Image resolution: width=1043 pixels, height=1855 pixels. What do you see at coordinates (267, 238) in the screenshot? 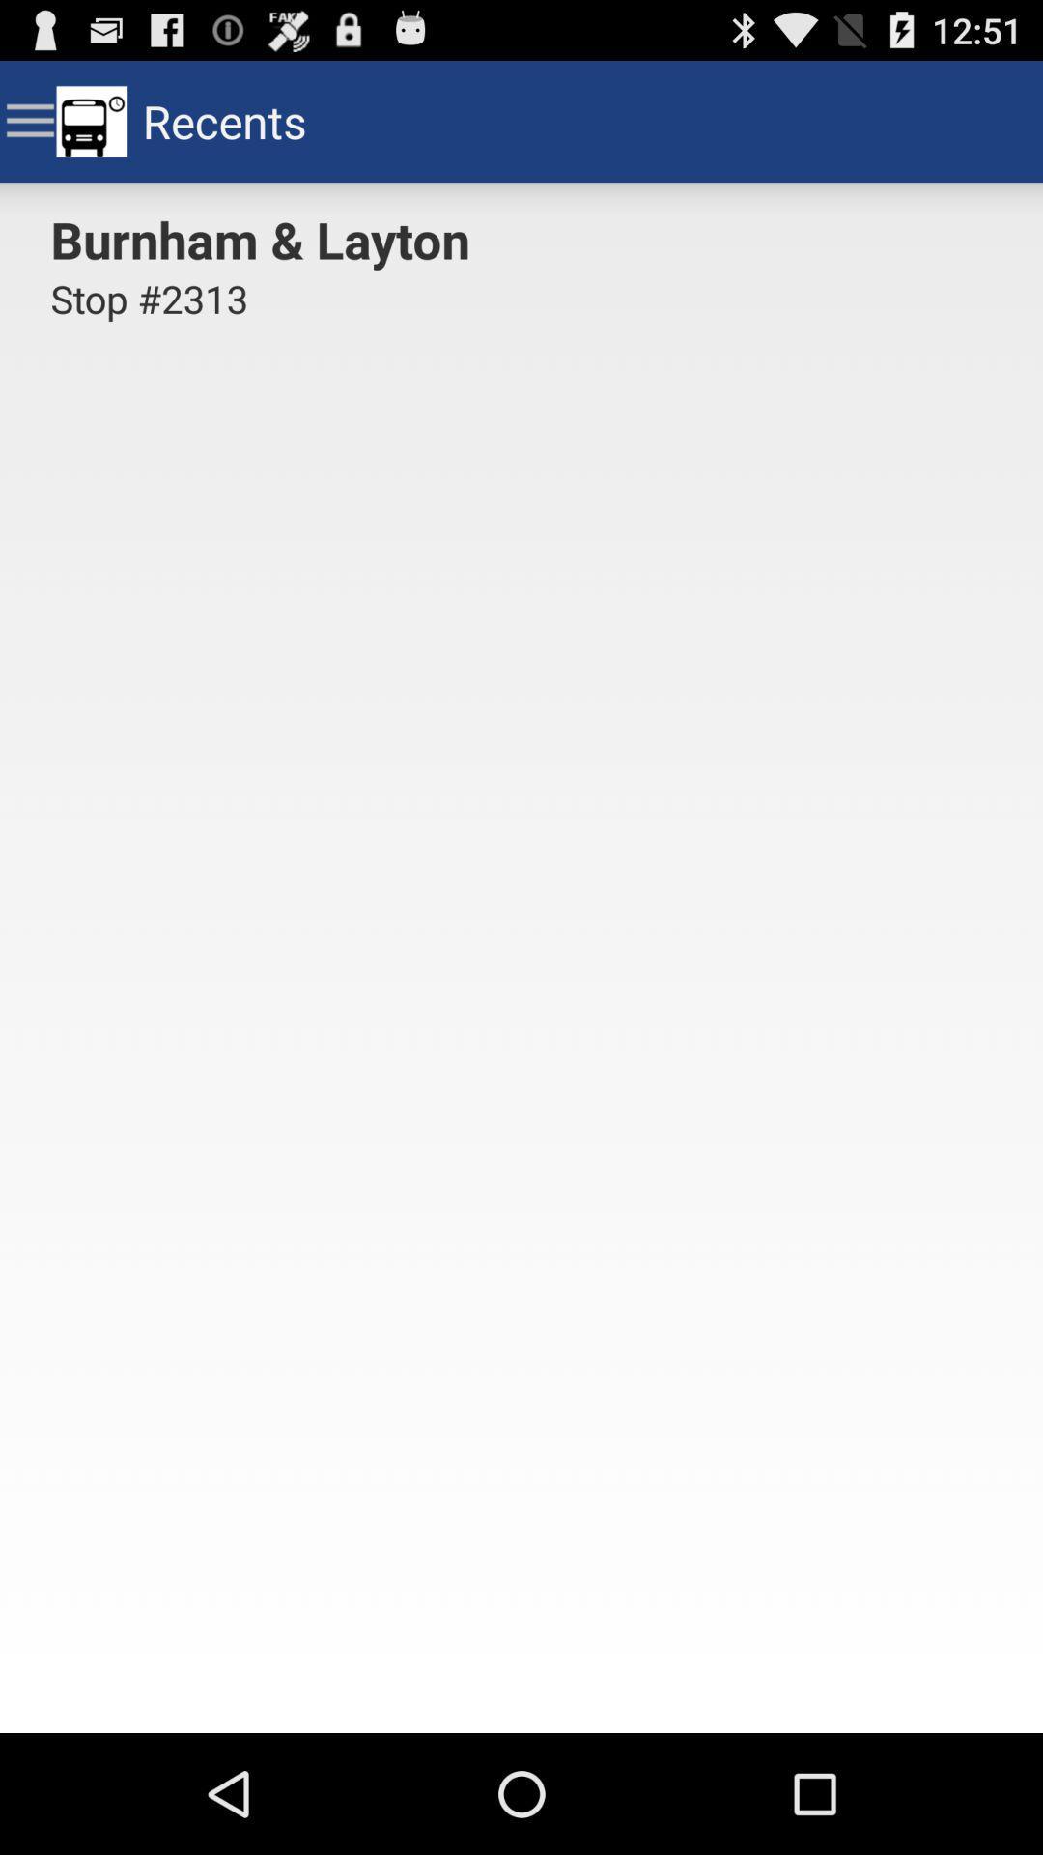
I see `the item above stop #2313` at bounding box center [267, 238].